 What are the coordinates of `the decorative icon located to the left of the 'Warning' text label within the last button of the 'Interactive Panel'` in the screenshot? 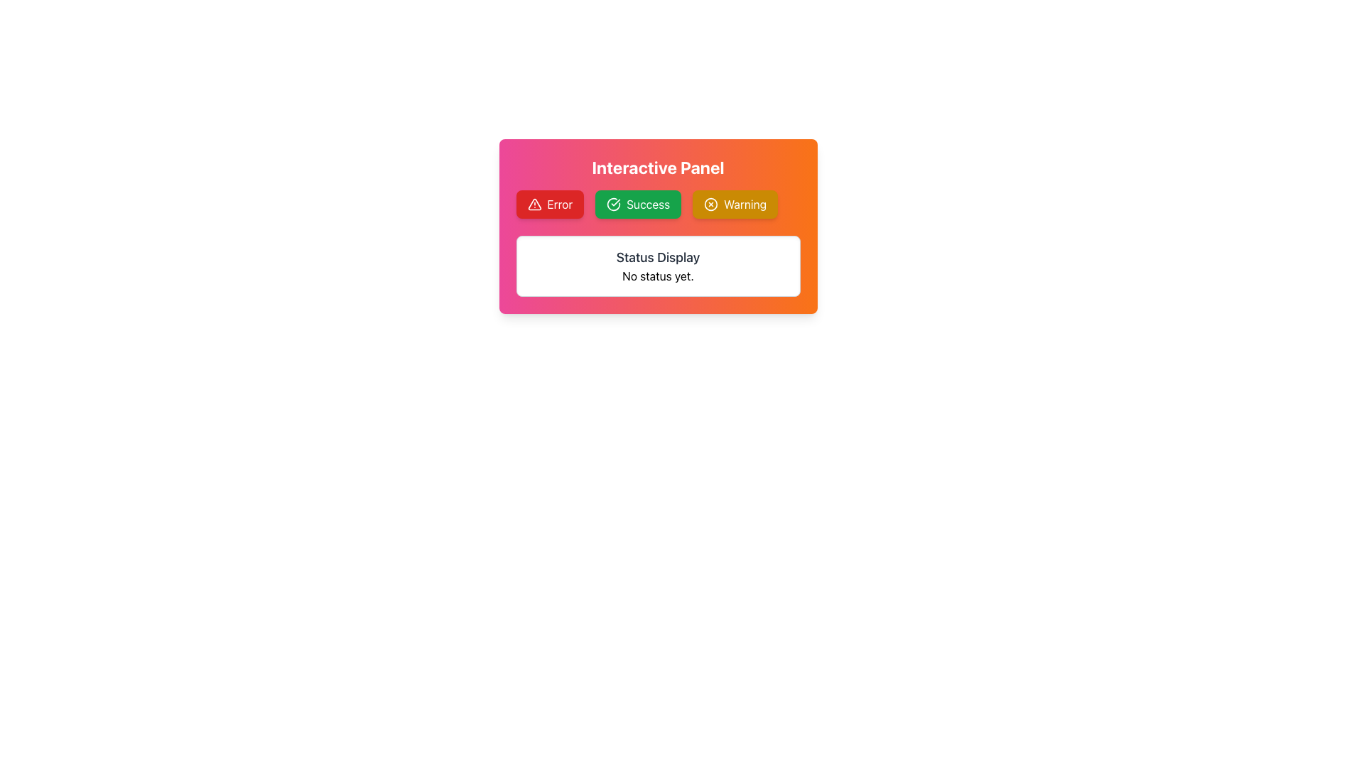 It's located at (711, 205).